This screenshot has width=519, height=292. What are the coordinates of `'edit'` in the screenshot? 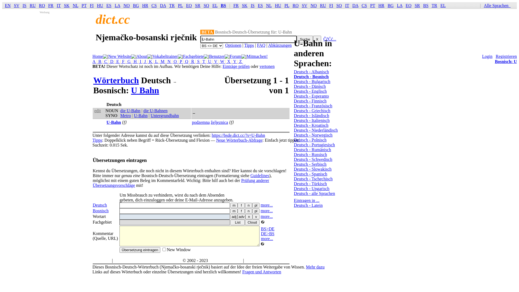 It's located at (97, 110).